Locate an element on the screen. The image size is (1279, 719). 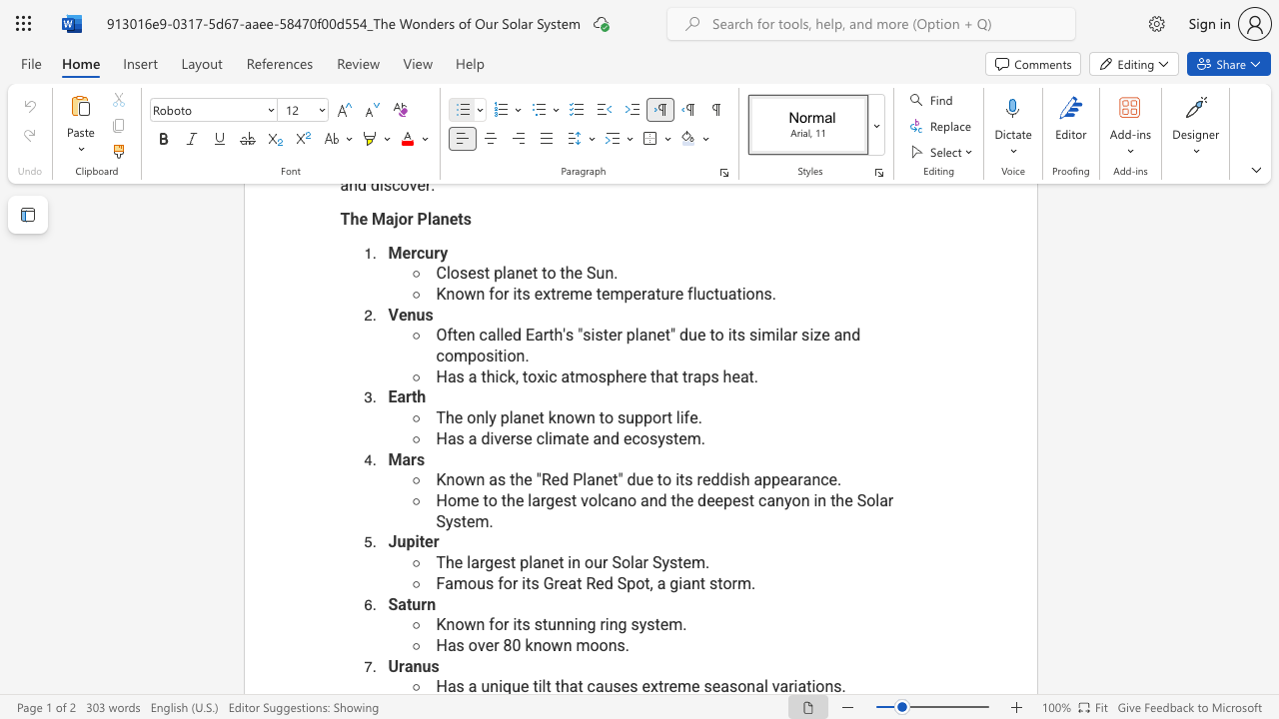
the 1th character "g" in the text is located at coordinates (550, 499).